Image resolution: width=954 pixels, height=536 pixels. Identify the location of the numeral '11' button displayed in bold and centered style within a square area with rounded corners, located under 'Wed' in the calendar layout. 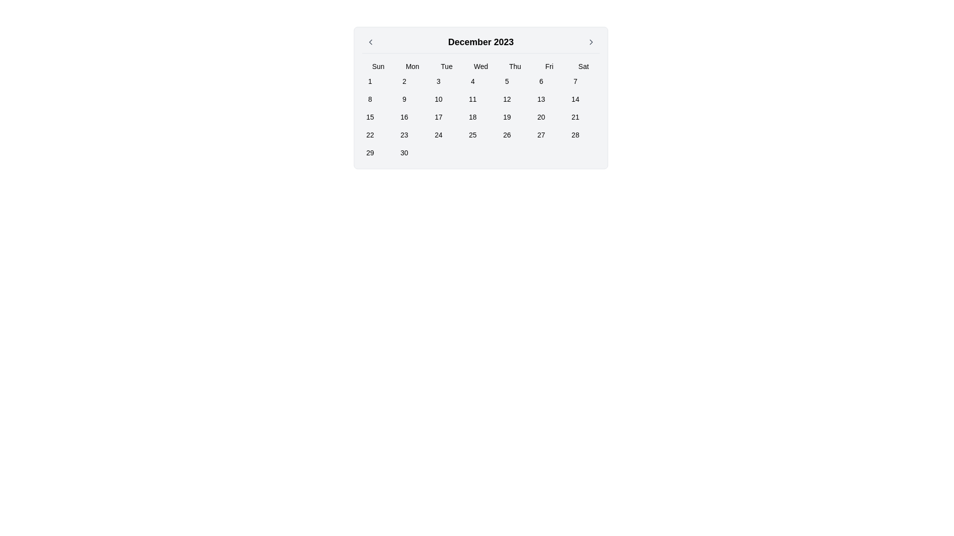
(472, 99).